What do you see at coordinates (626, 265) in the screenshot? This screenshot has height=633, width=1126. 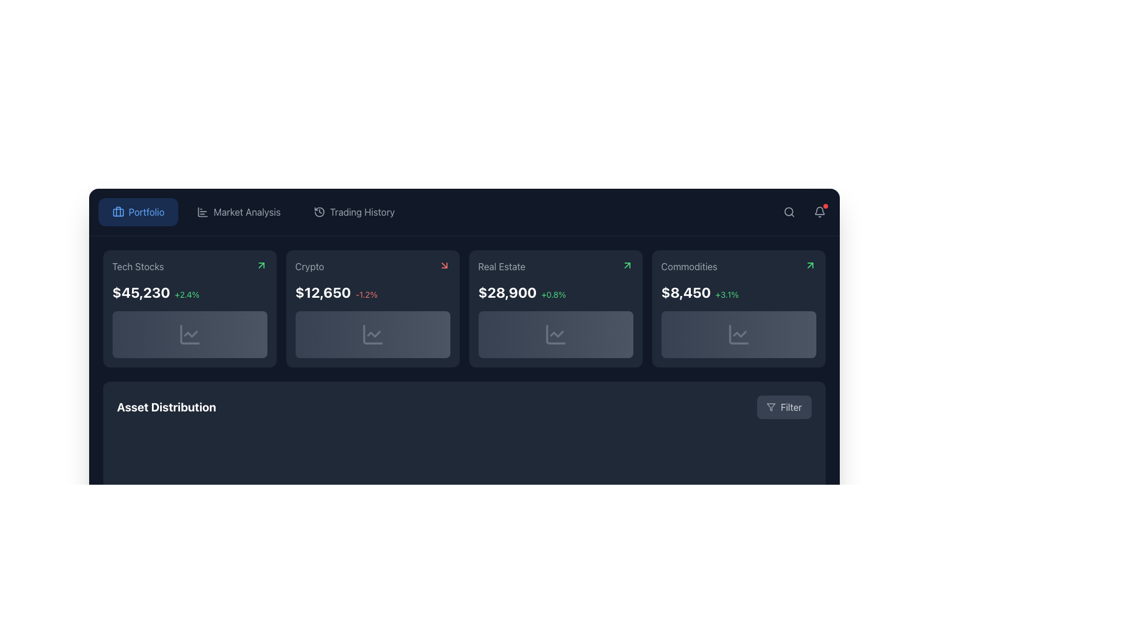 I see `the upward arrow icon located in the top-right corner of the 'Real Estate' card, which indicates performance improvement for the asset` at bounding box center [626, 265].